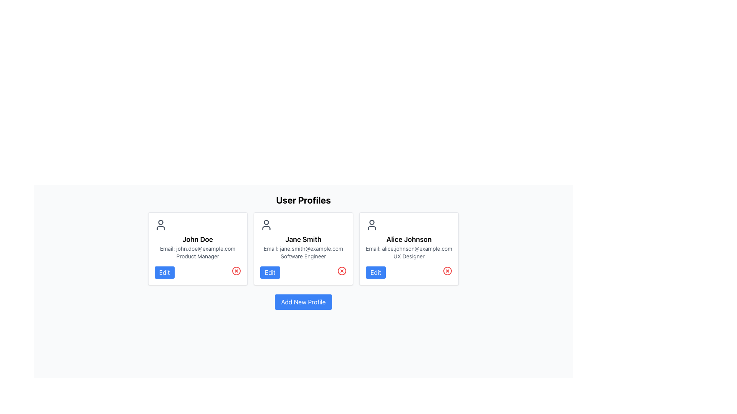 The image size is (737, 414). What do you see at coordinates (448, 270) in the screenshot?
I see `the delete button located in the bottom-right corner of Alice Johnson's user profile card` at bounding box center [448, 270].